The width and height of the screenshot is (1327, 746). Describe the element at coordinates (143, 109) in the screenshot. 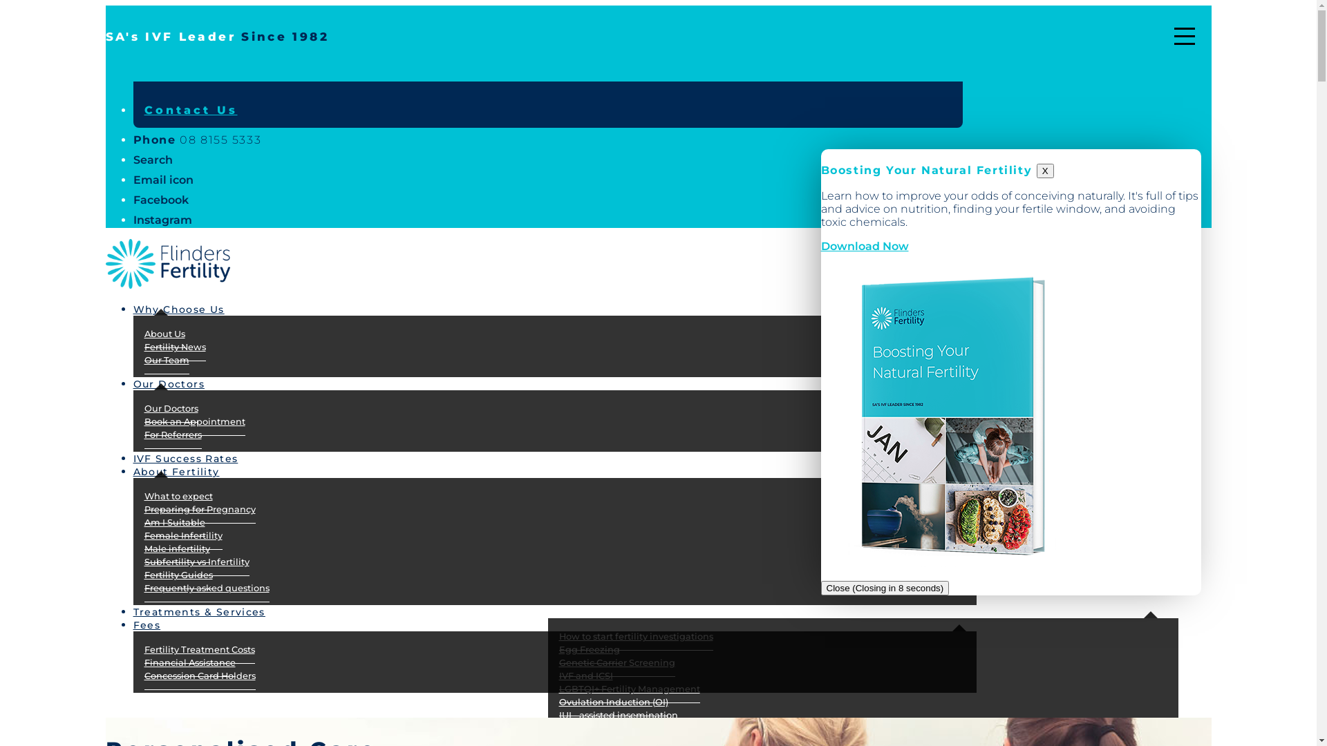

I see `'Contact Us'` at that location.